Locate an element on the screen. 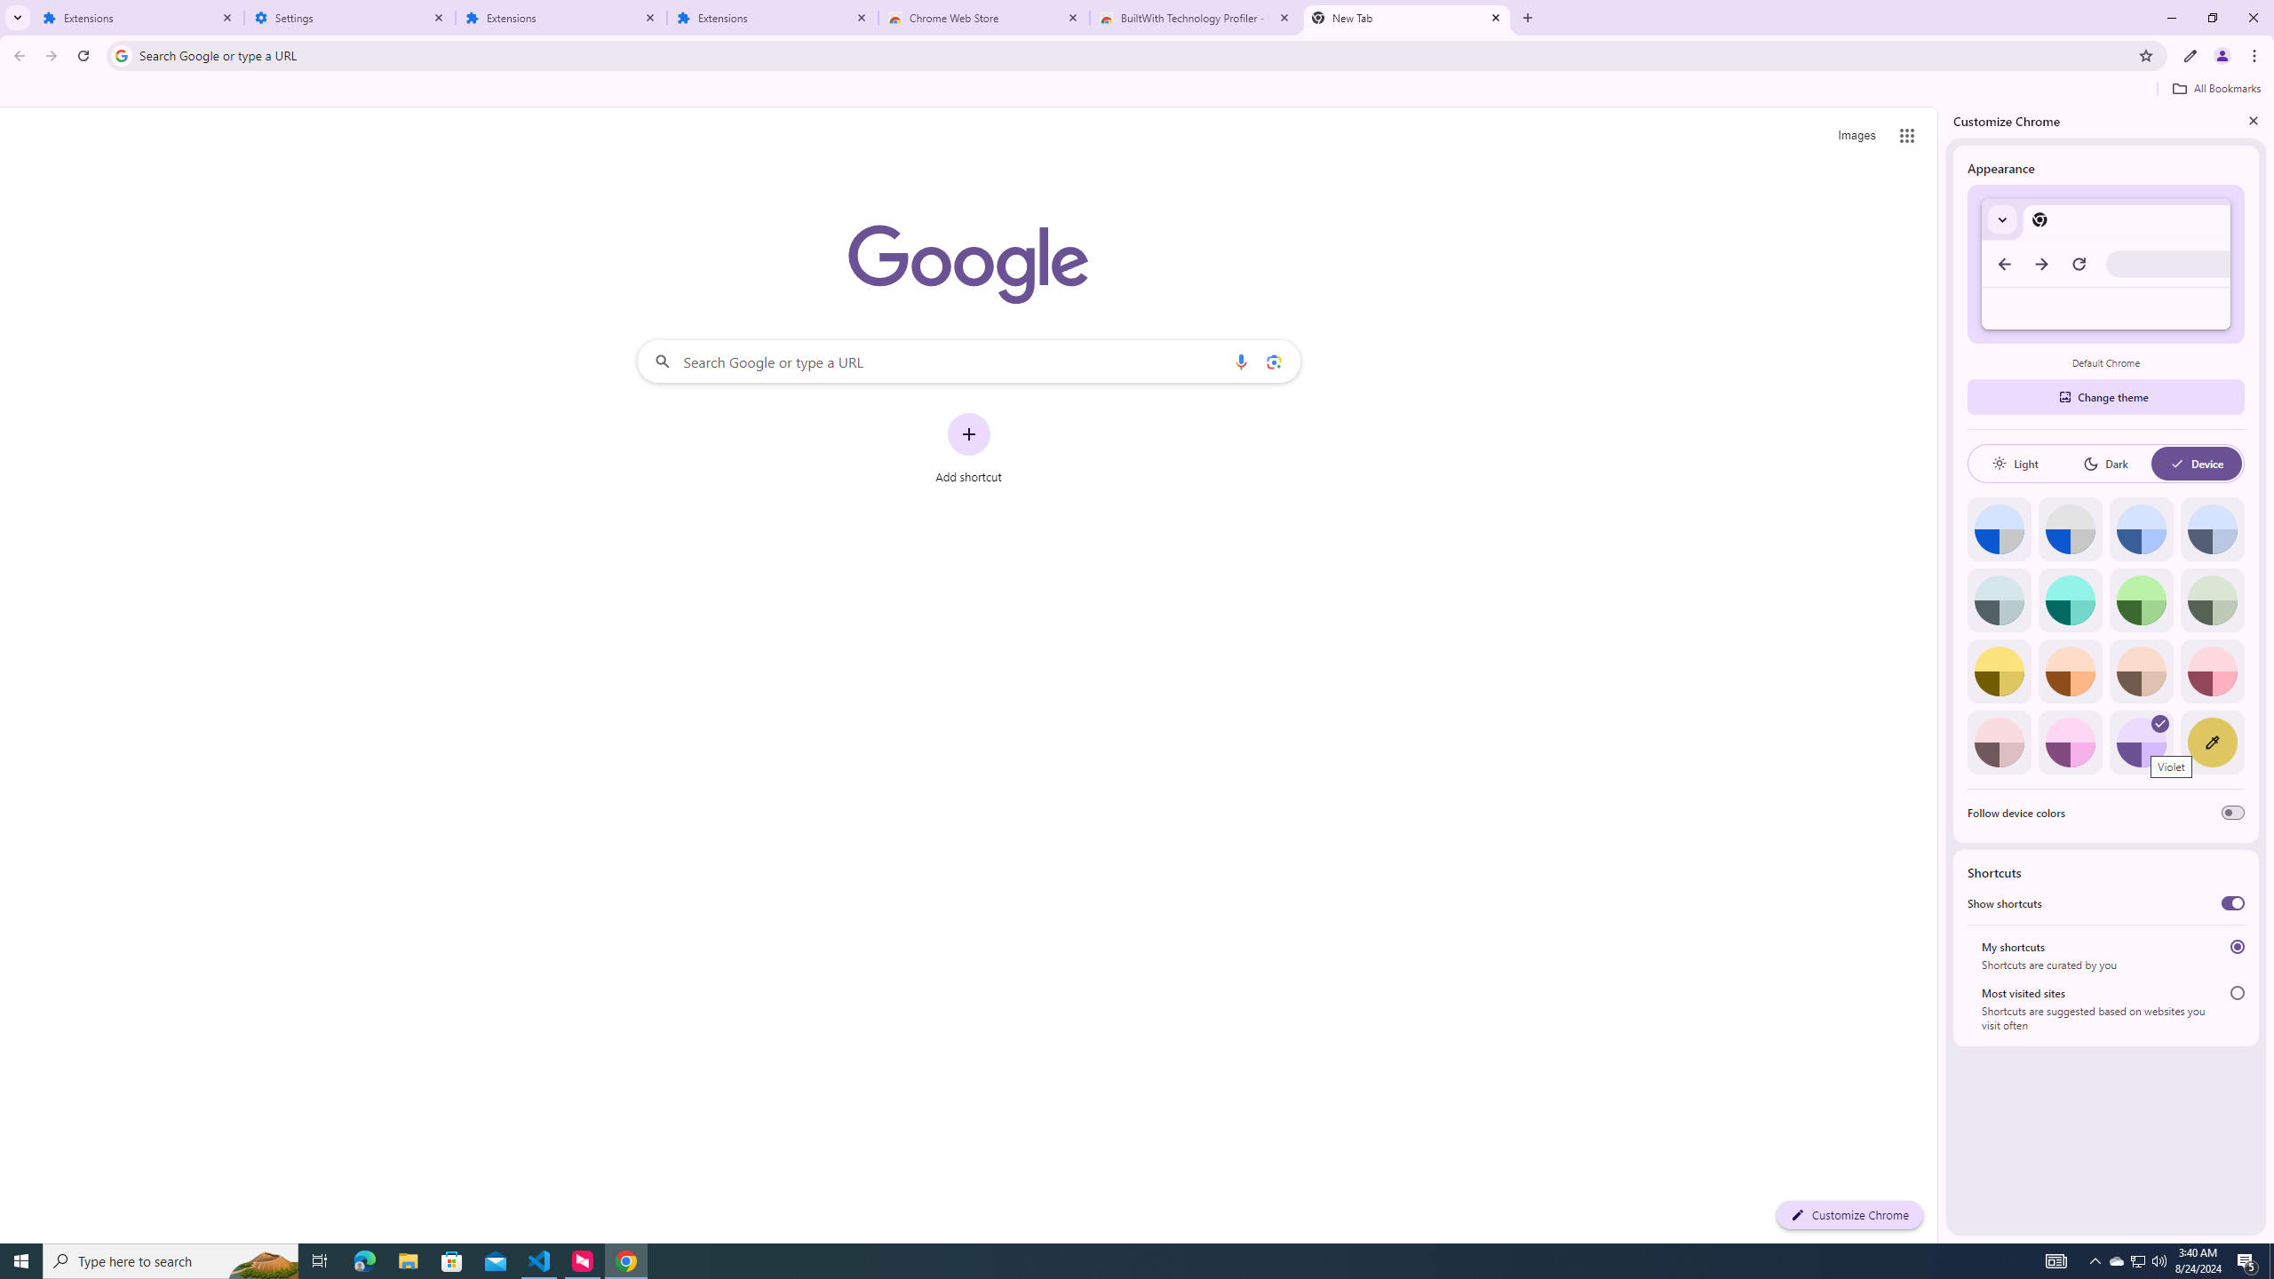 This screenshot has width=2274, height=1279. 'New Tab' is located at coordinates (1406, 17).